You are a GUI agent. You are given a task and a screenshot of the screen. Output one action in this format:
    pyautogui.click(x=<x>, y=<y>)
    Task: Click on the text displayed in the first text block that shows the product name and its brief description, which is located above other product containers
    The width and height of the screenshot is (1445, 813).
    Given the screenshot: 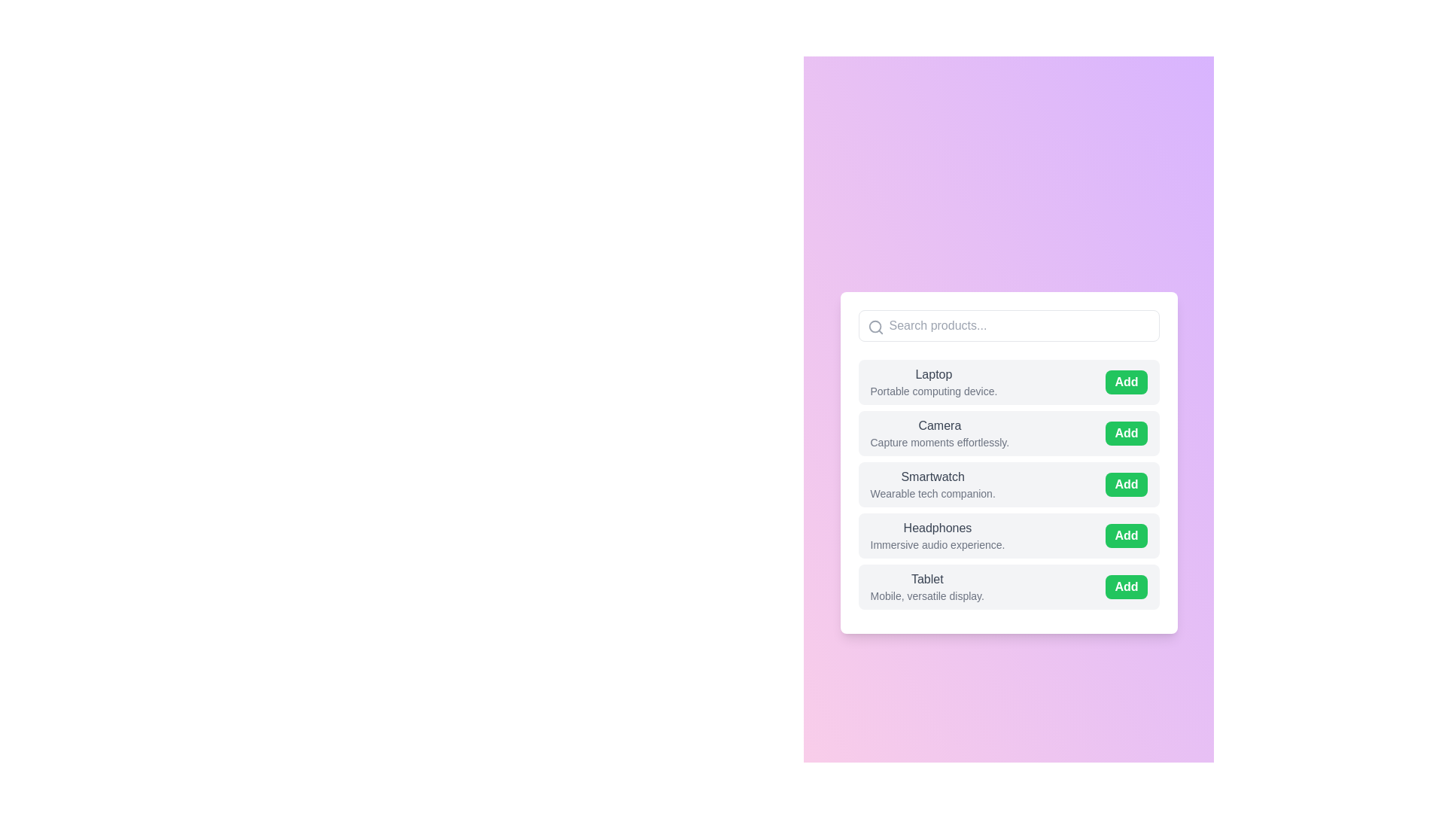 What is the action you would take?
    pyautogui.click(x=932, y=382)
    